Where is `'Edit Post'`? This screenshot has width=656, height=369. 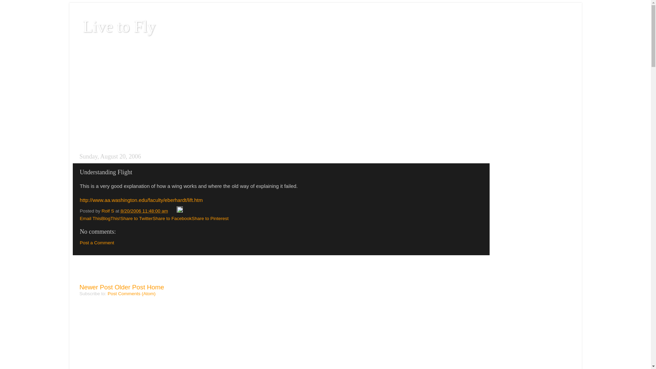
'Edit Post' is located at coordinates (180, 210).